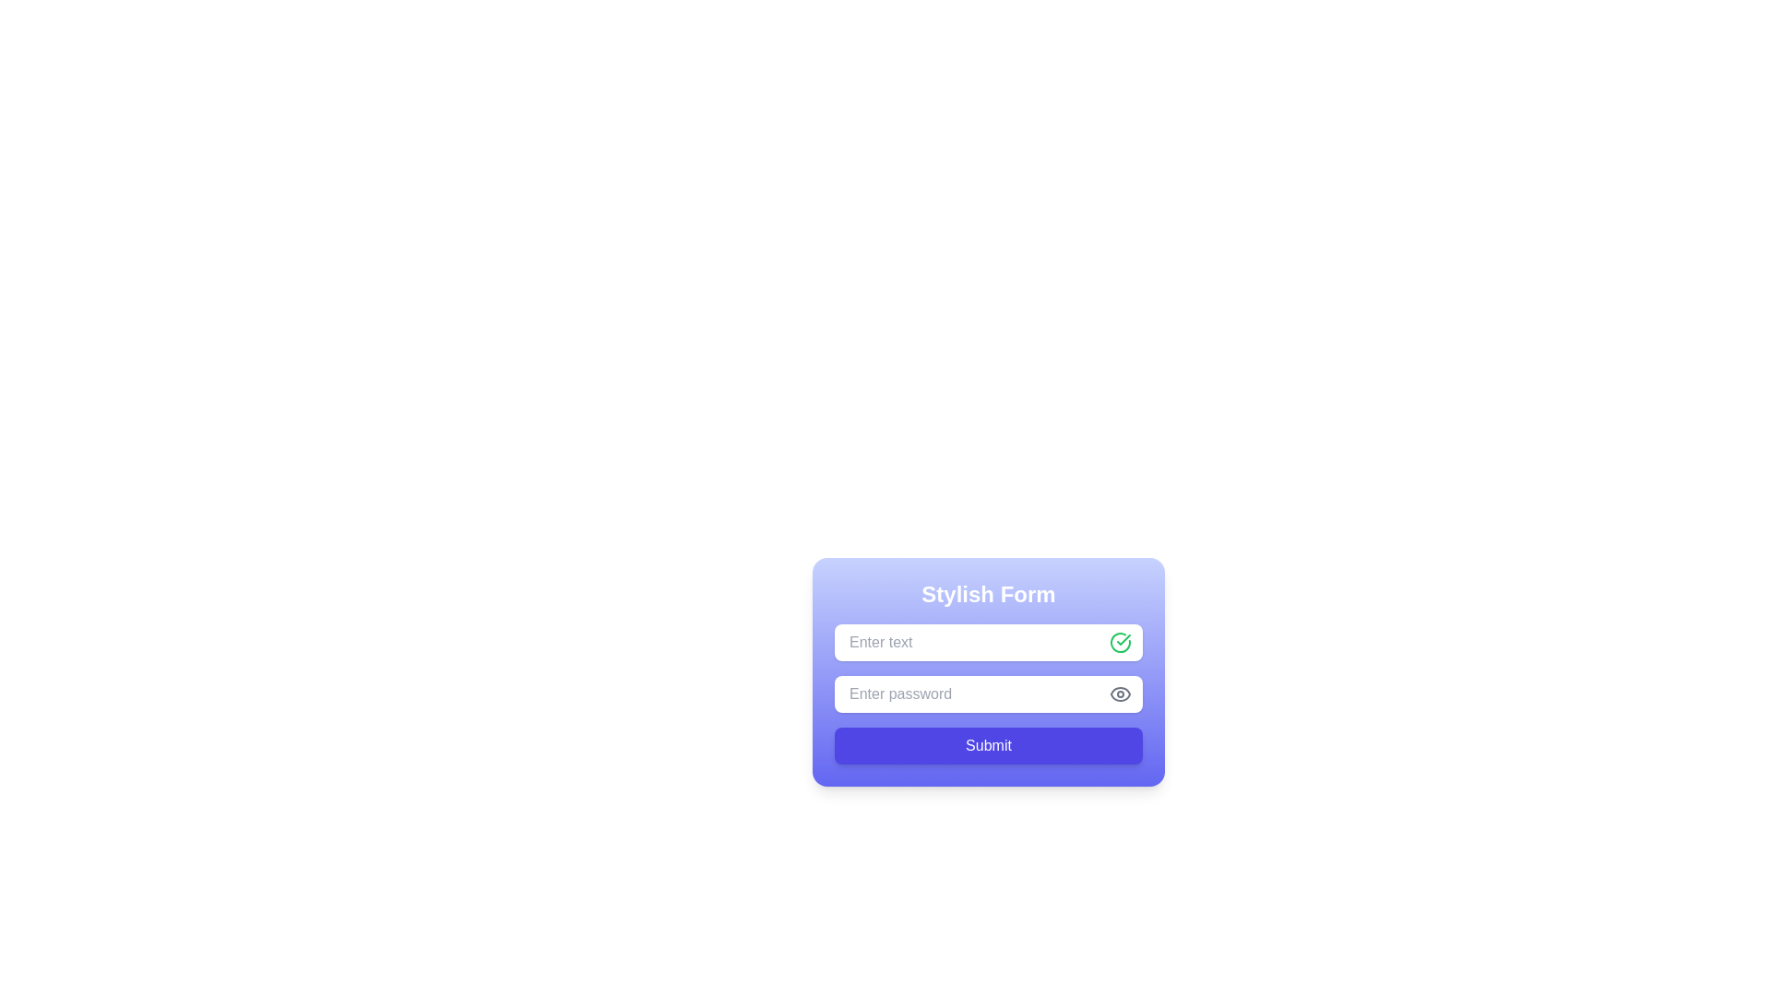  What do you see at coordinates (987, 745) in the screenshot?
I see `the 'Submit' button with a vibrant indigo background and rounded corners to observe its hover effect` at bounding box center [987, 745].